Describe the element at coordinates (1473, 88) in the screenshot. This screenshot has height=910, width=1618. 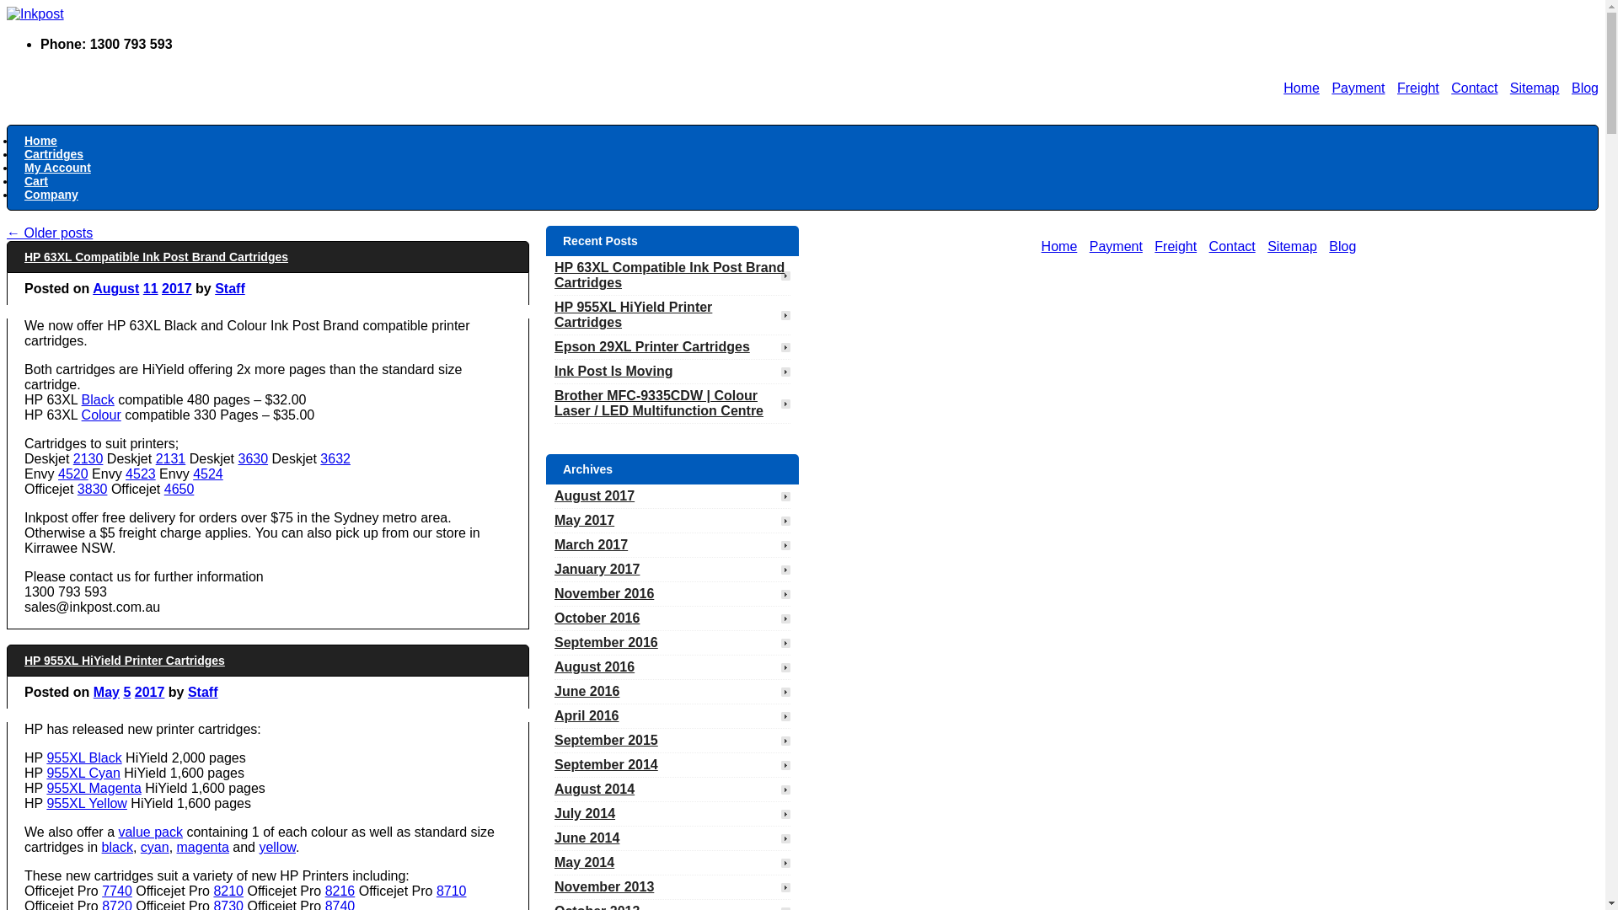
I see `'Contact'` at that location.